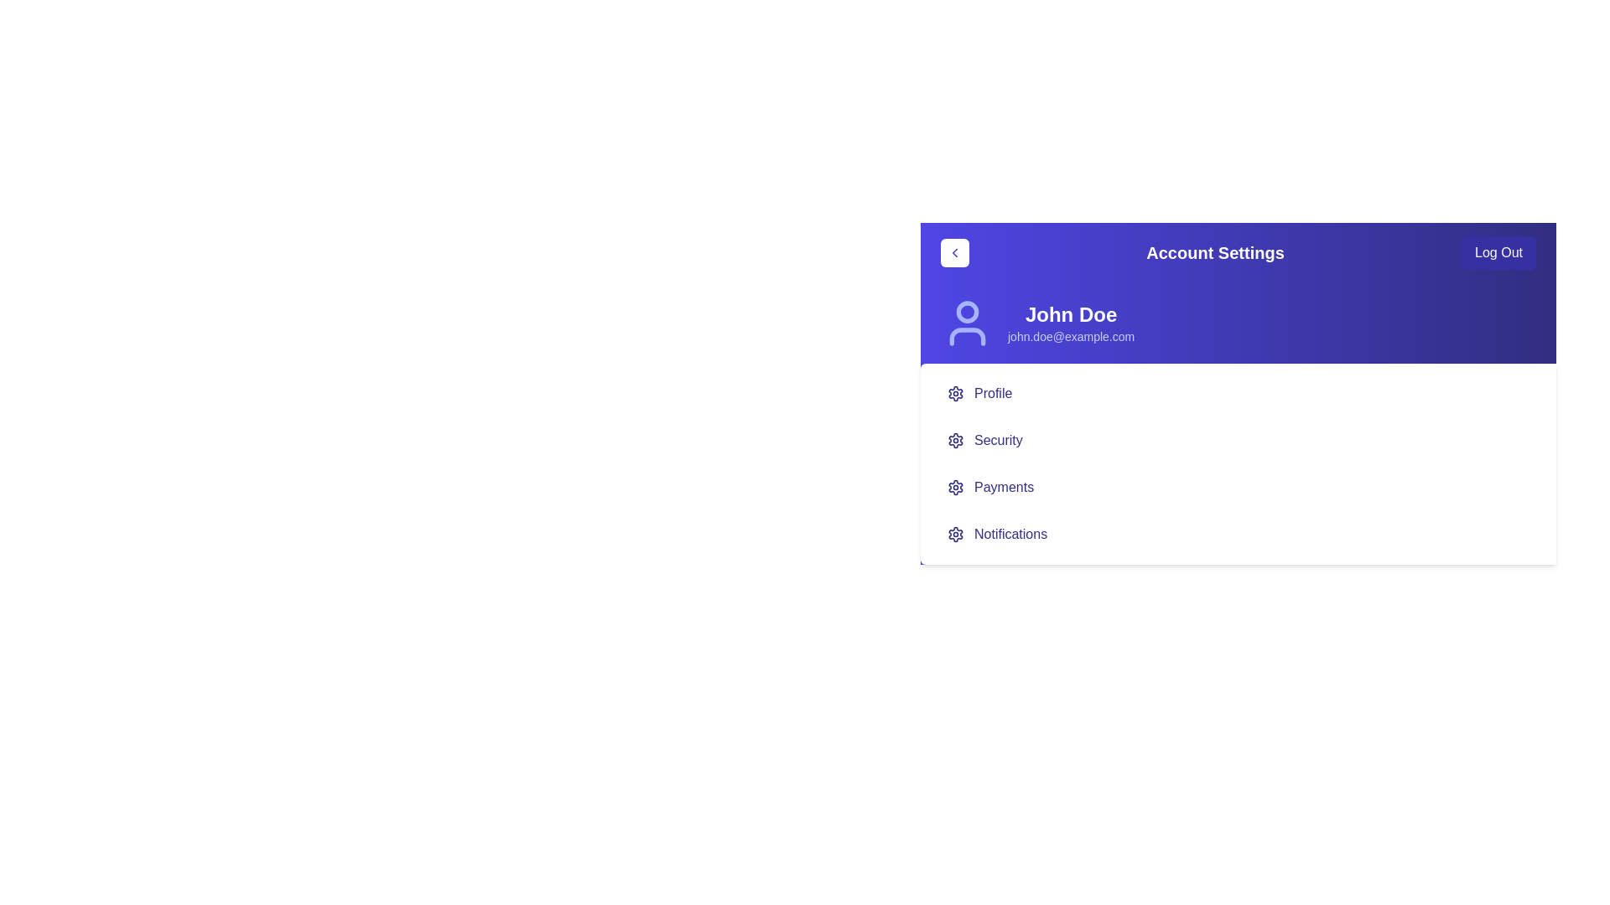  I want to click on the 'Security' text label in bold, indigo font, which is the second item in the vertical list of options in the settings menu panel, so click(998, 439).